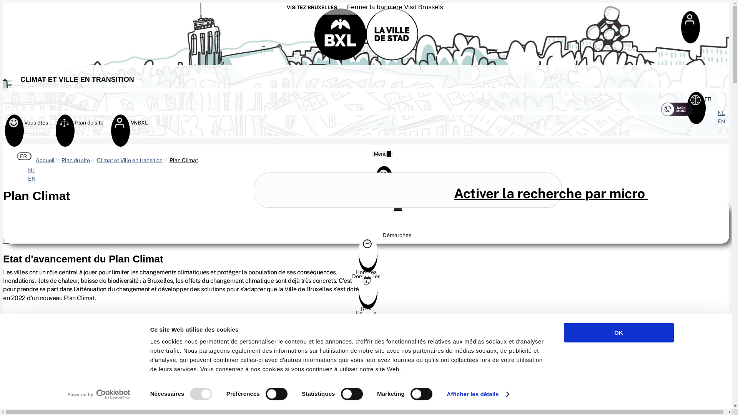 This screenshot has width=738, height=415. Describe the element at coordinates (183, 159) in the screenshot. I see `'Plan Climat'` at that location.